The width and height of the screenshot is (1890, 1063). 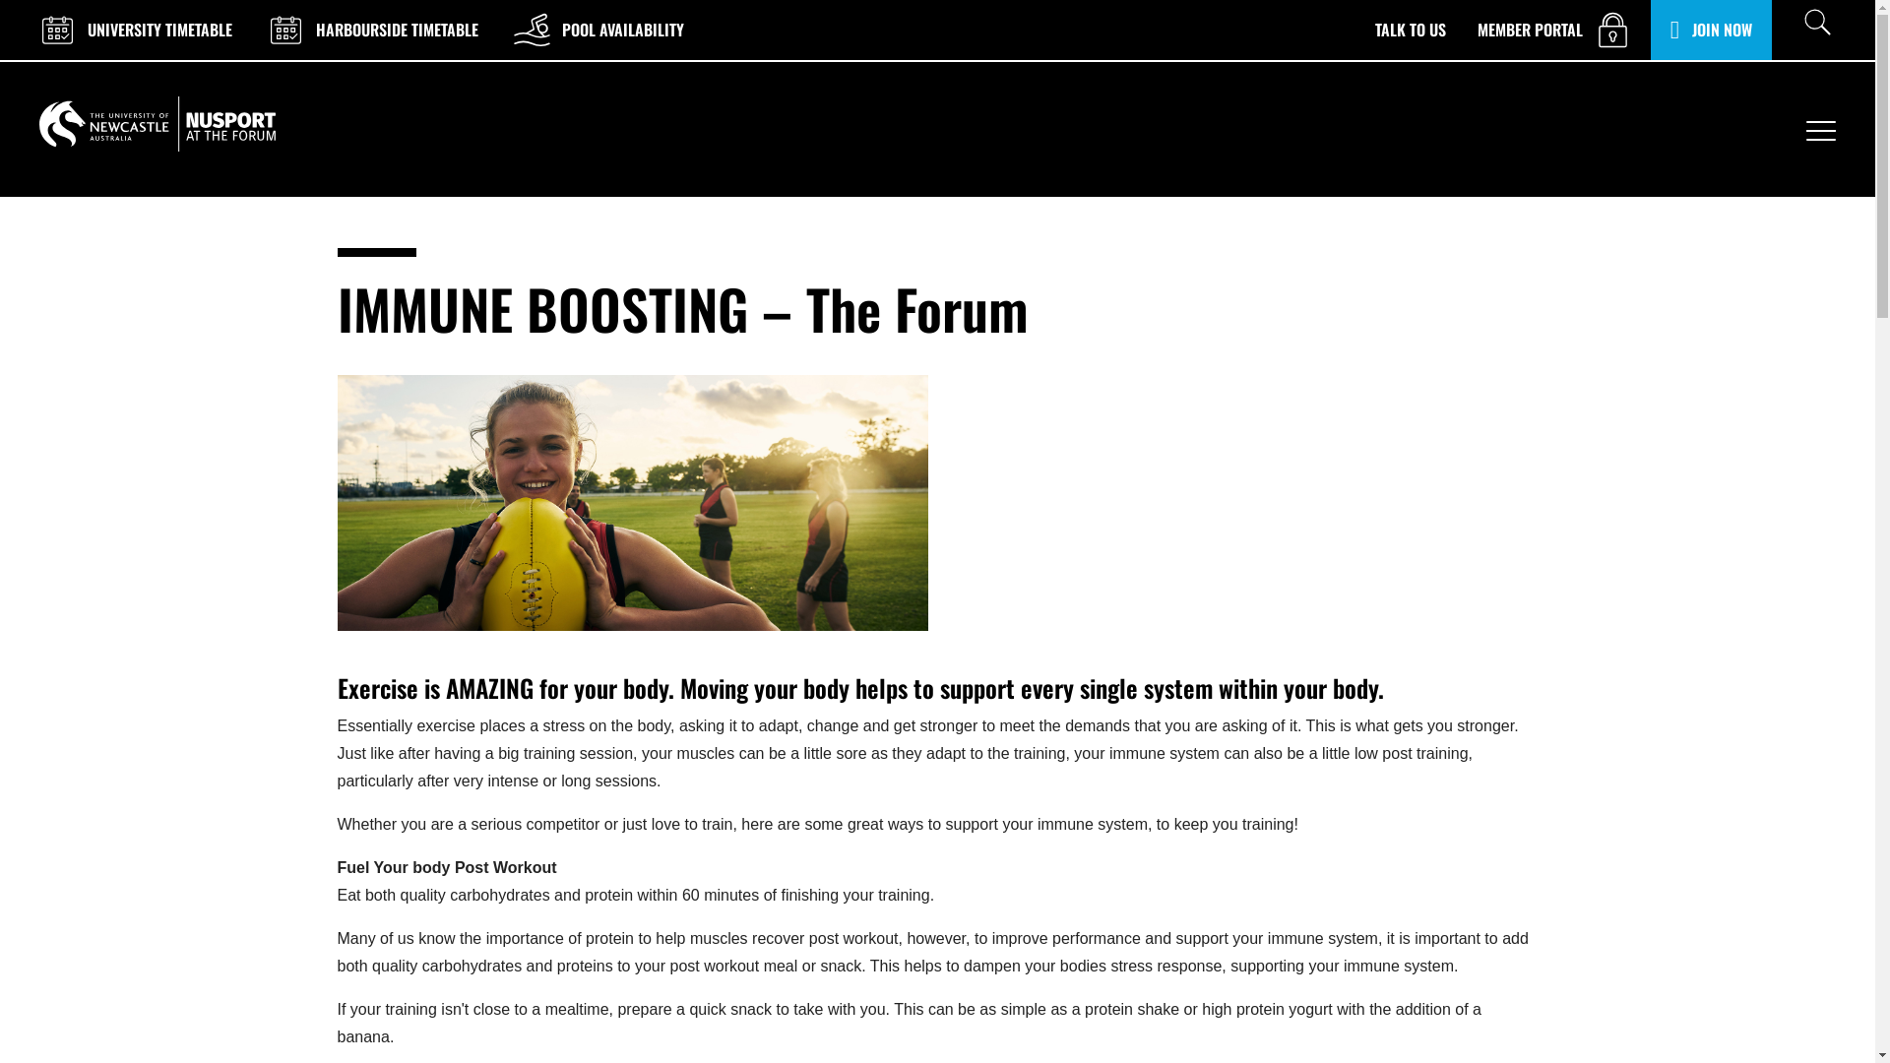 What do you see at coordinates (1554, 30) in the screenshot?
I see `'MEMBER PORTAL'` at bounding box center [1554, 30].